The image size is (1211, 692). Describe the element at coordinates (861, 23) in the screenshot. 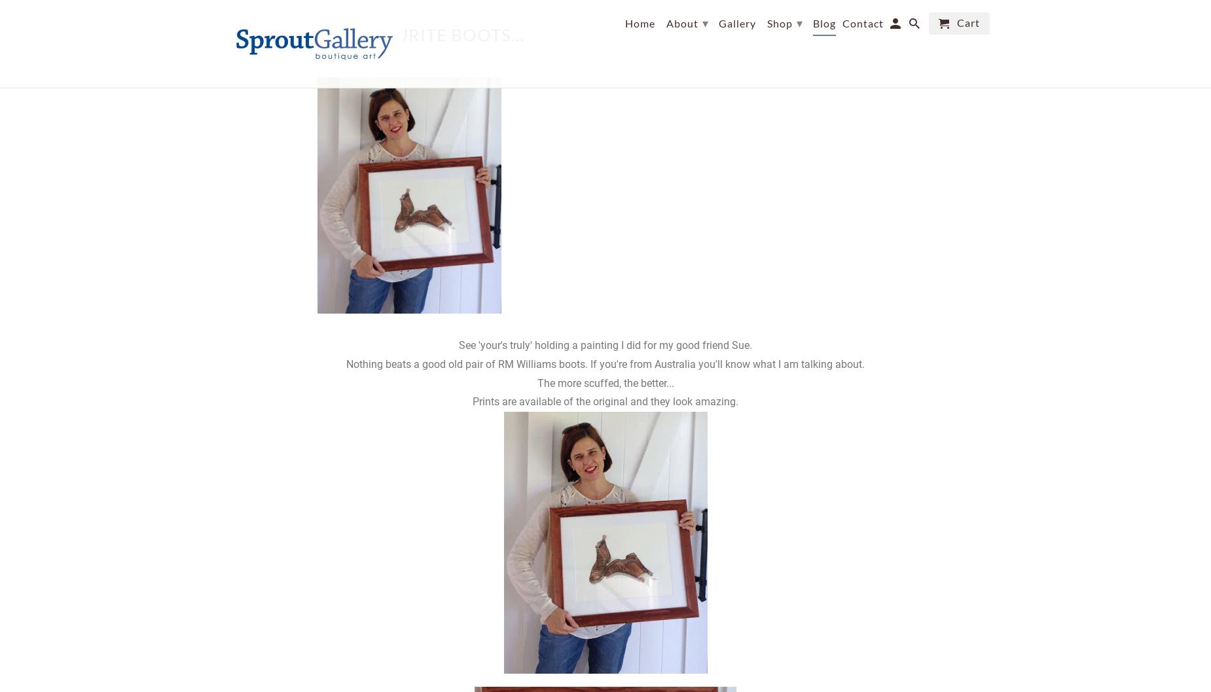

I see `'Contact'` at that location.